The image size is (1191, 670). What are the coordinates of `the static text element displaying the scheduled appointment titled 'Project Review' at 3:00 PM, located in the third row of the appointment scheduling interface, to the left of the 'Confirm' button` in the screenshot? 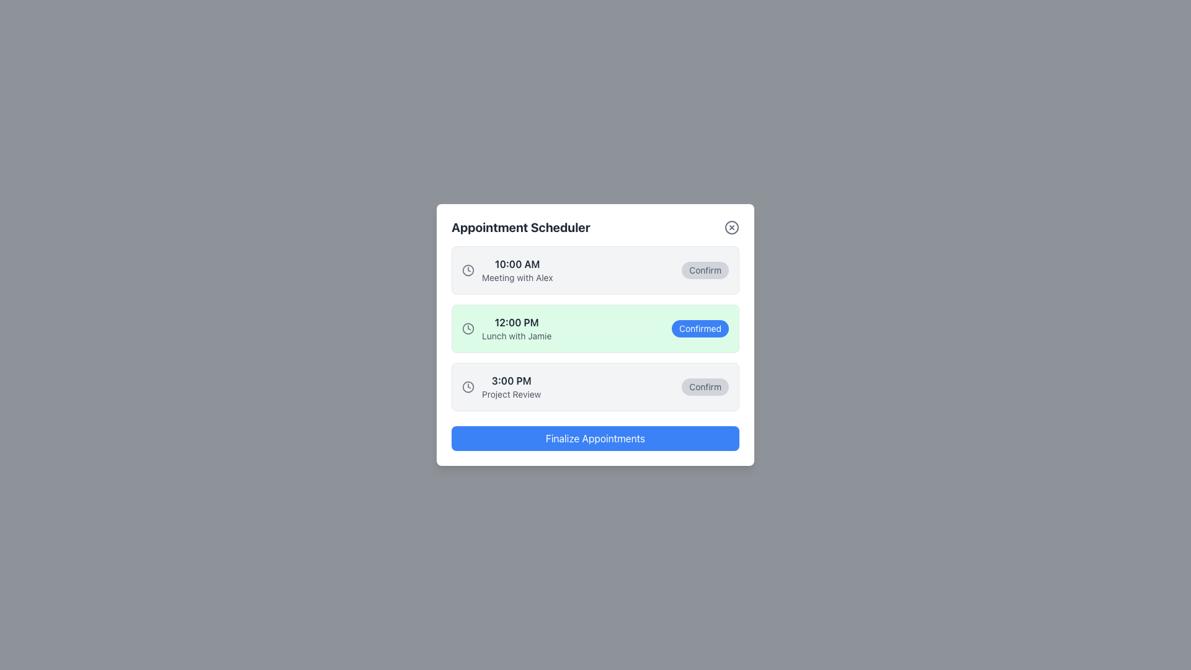 It's located at (501, 386).